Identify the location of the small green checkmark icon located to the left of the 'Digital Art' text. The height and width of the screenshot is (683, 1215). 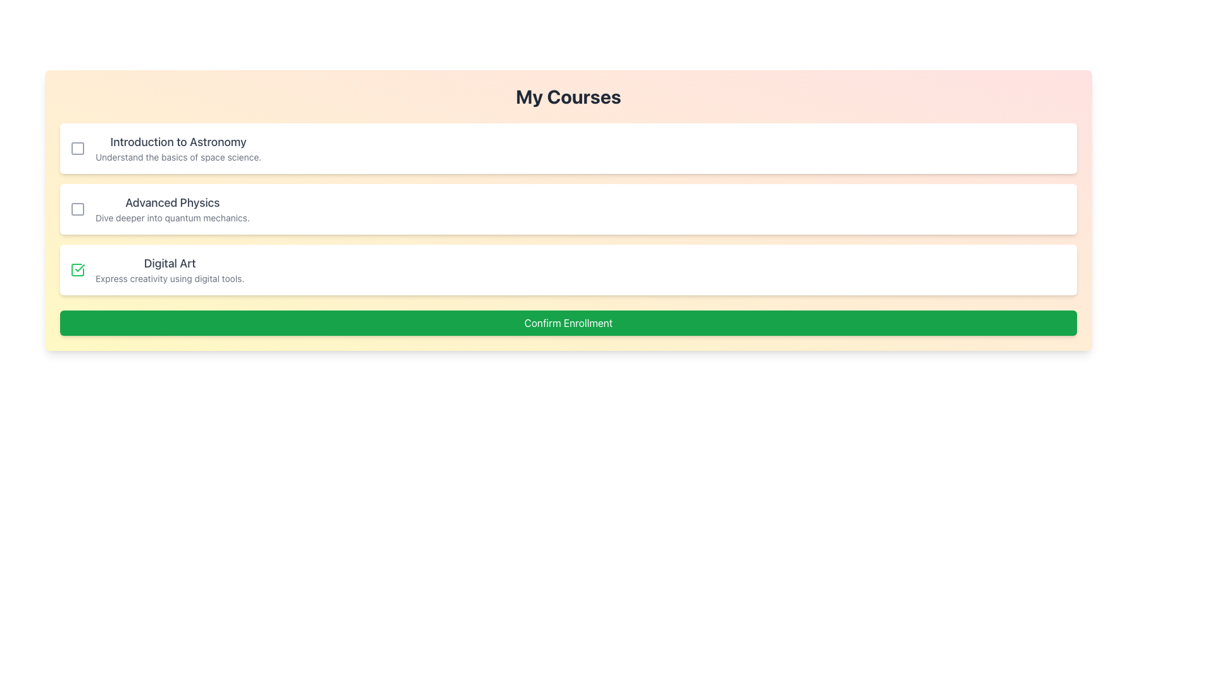
(77, 269).